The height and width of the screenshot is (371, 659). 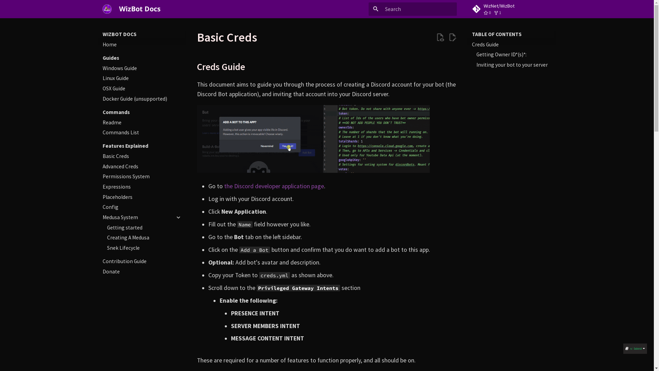 I want to click on 'Home', so click(x=142, y=45).